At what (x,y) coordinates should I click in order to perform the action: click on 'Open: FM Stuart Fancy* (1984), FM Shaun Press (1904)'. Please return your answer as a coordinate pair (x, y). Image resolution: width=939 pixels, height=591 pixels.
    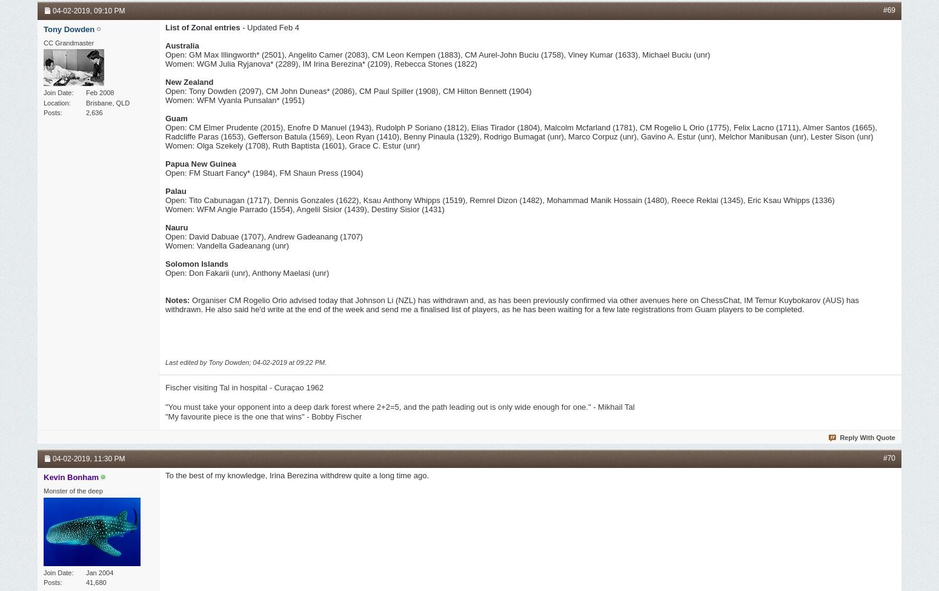
    Looking at the image, I should click on (264, 172).